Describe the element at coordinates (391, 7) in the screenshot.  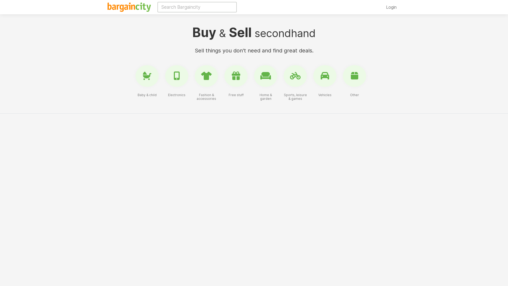
I see `'Login'` at that location.